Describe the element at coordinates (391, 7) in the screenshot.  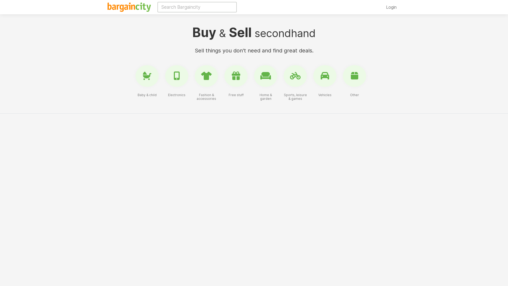
I see `'Login'` at that location.